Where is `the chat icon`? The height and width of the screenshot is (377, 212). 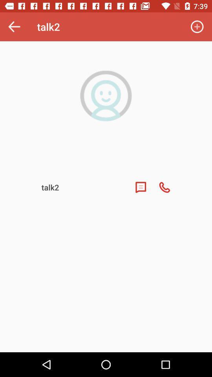 the chat icon is located at coordinates (140, 187).